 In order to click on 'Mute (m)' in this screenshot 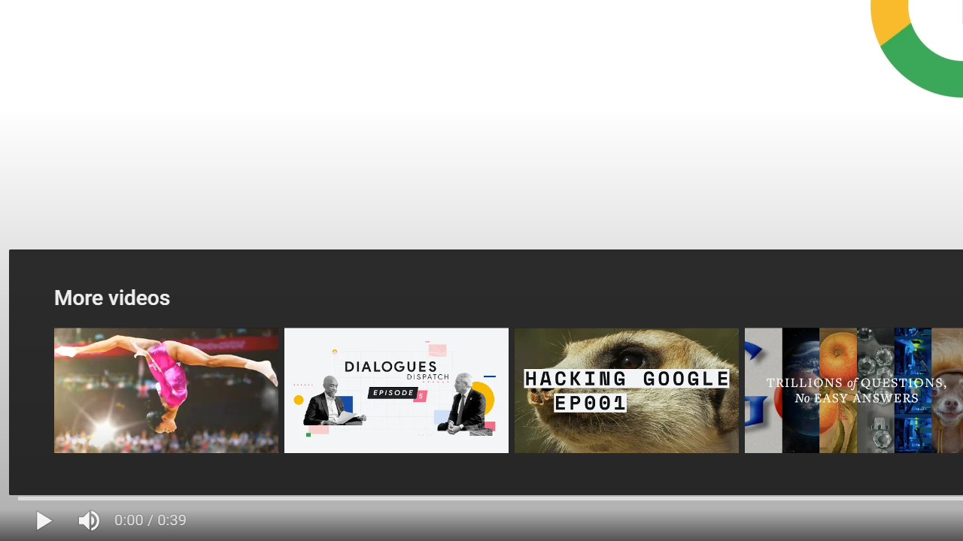, I will do `click(90, 520)`.